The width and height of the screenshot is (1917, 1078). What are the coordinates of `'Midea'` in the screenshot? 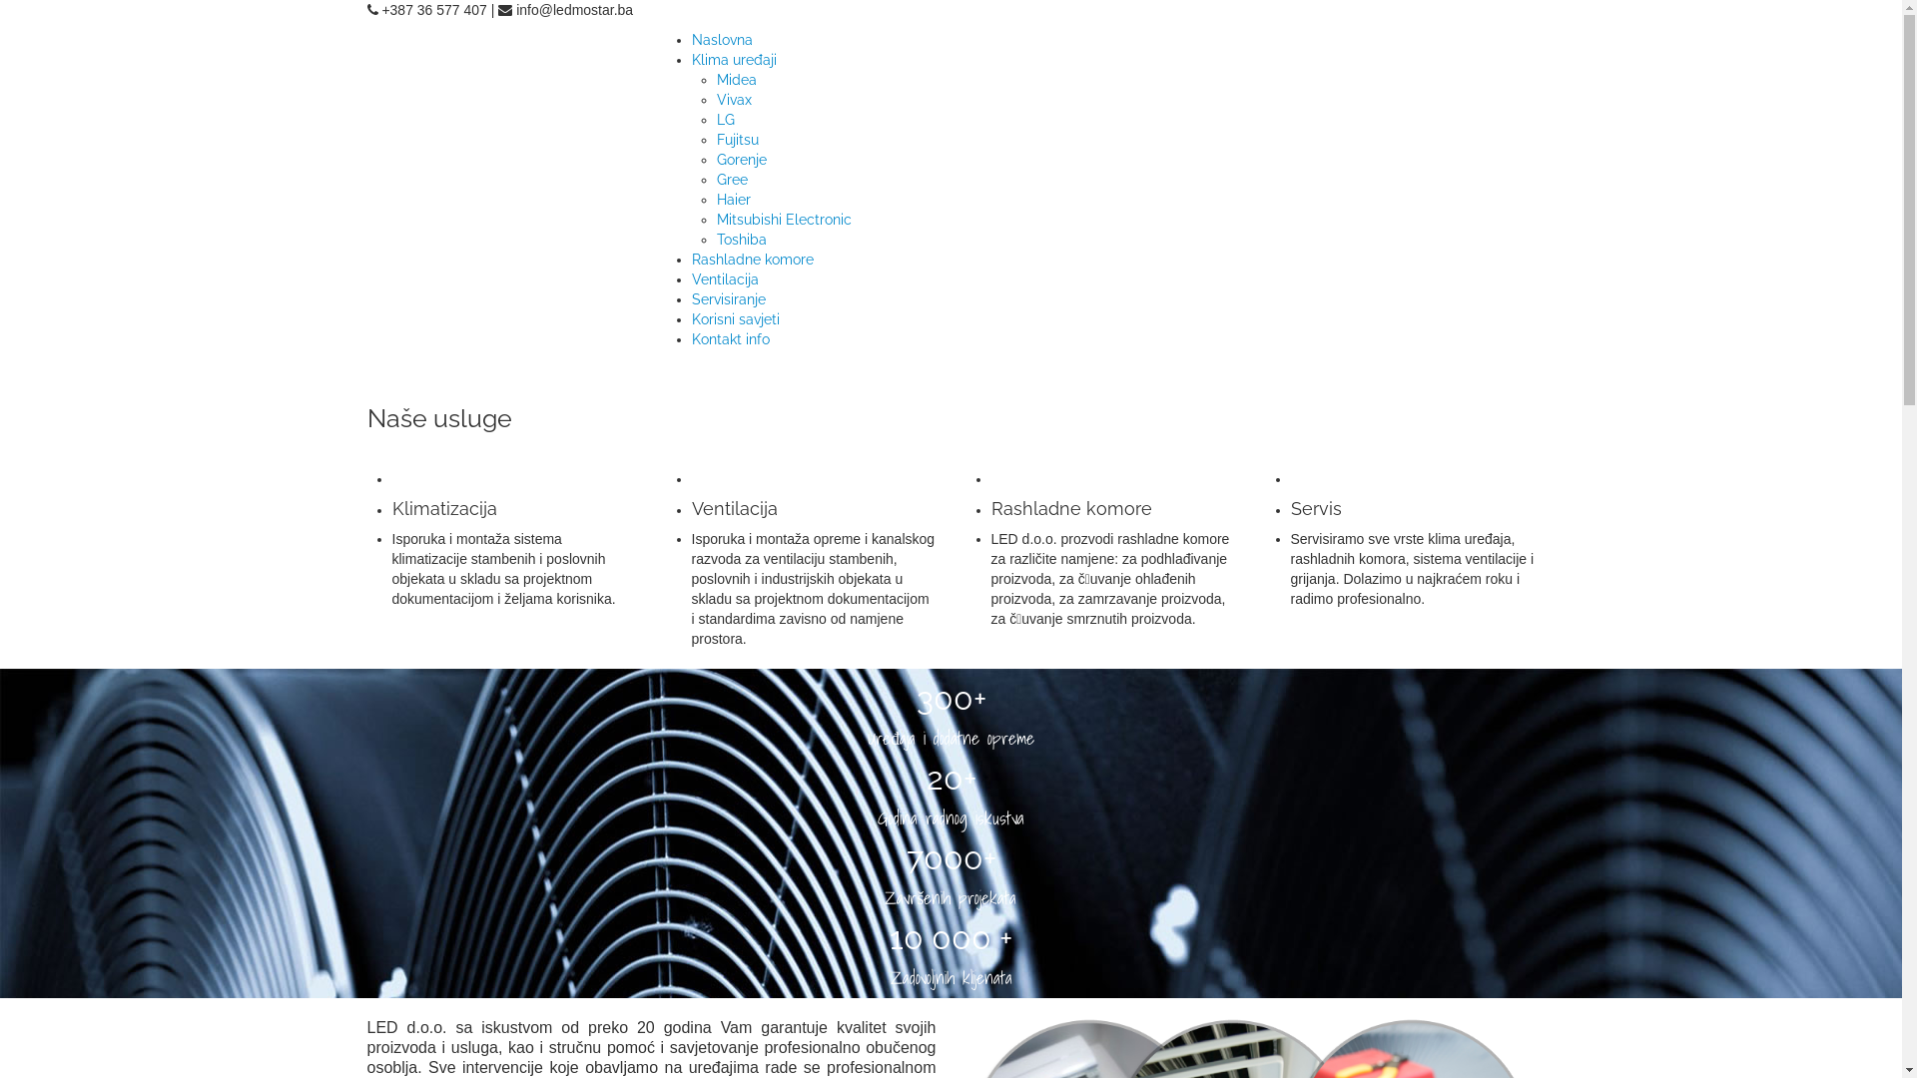 It's located at (736, 79).